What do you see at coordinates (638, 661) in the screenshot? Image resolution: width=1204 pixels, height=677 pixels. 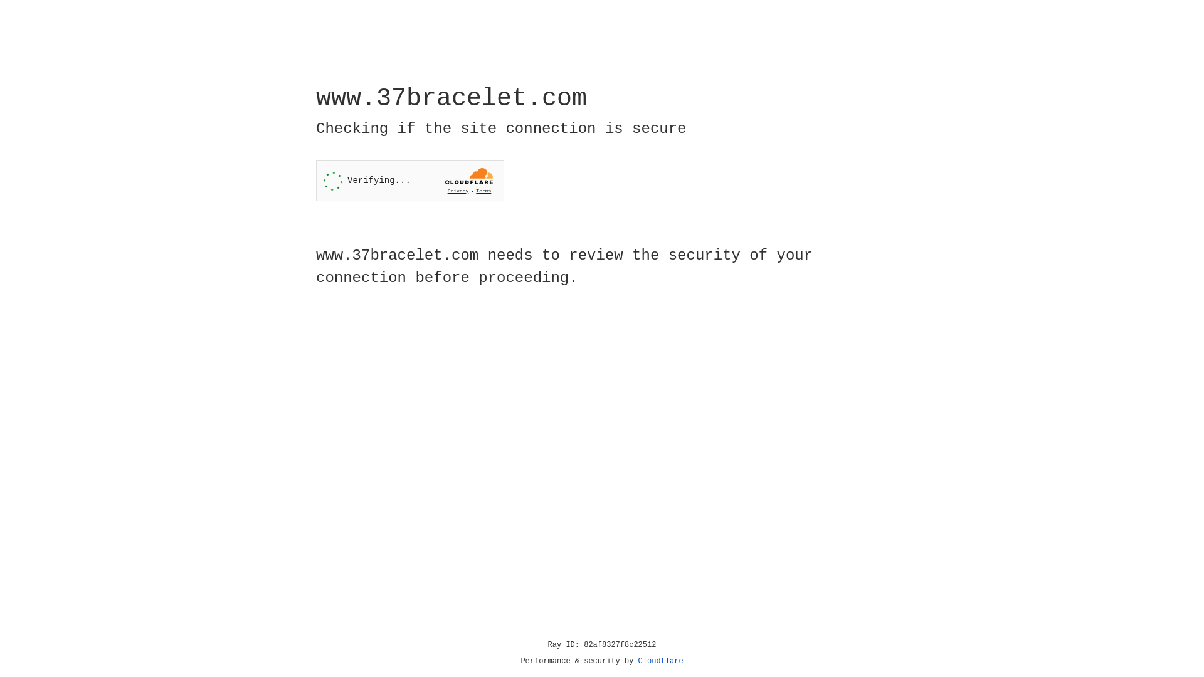 I see `'Cloudflare'` at bounding box center [638, 661].